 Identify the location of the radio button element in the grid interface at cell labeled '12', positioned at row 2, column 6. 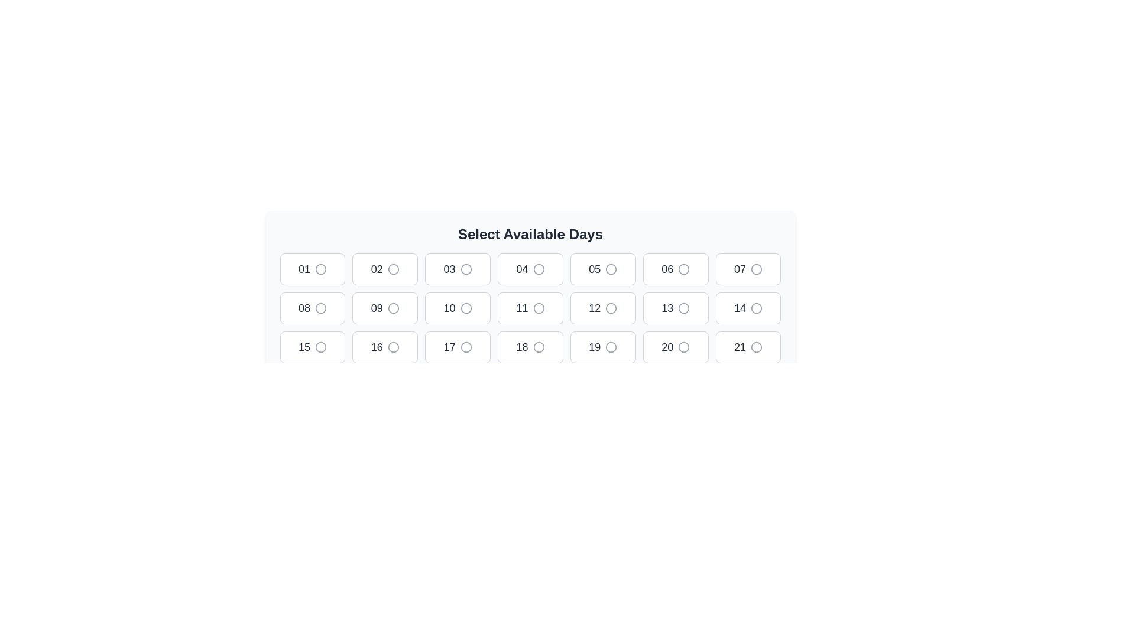
(611, 307).